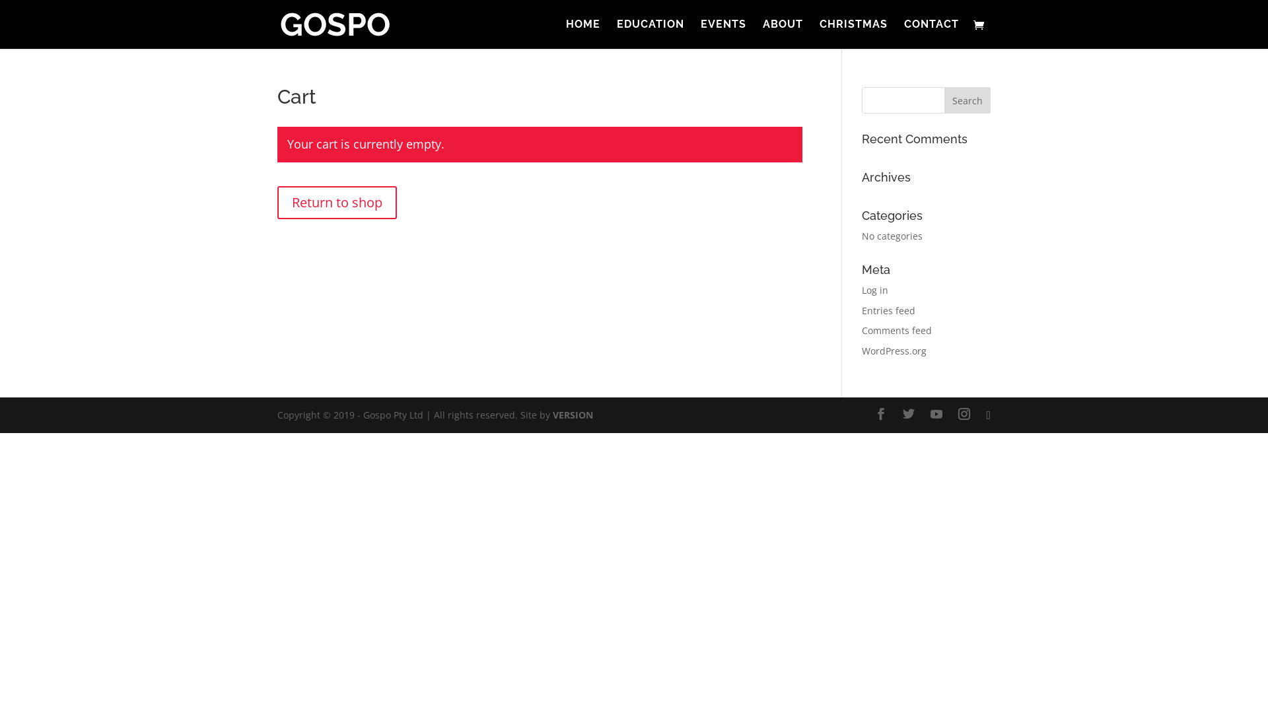  What do you see at coordinates (888, 310) in the screenshot?
I see `'Entries feed'` at bounding box center [888, 310].